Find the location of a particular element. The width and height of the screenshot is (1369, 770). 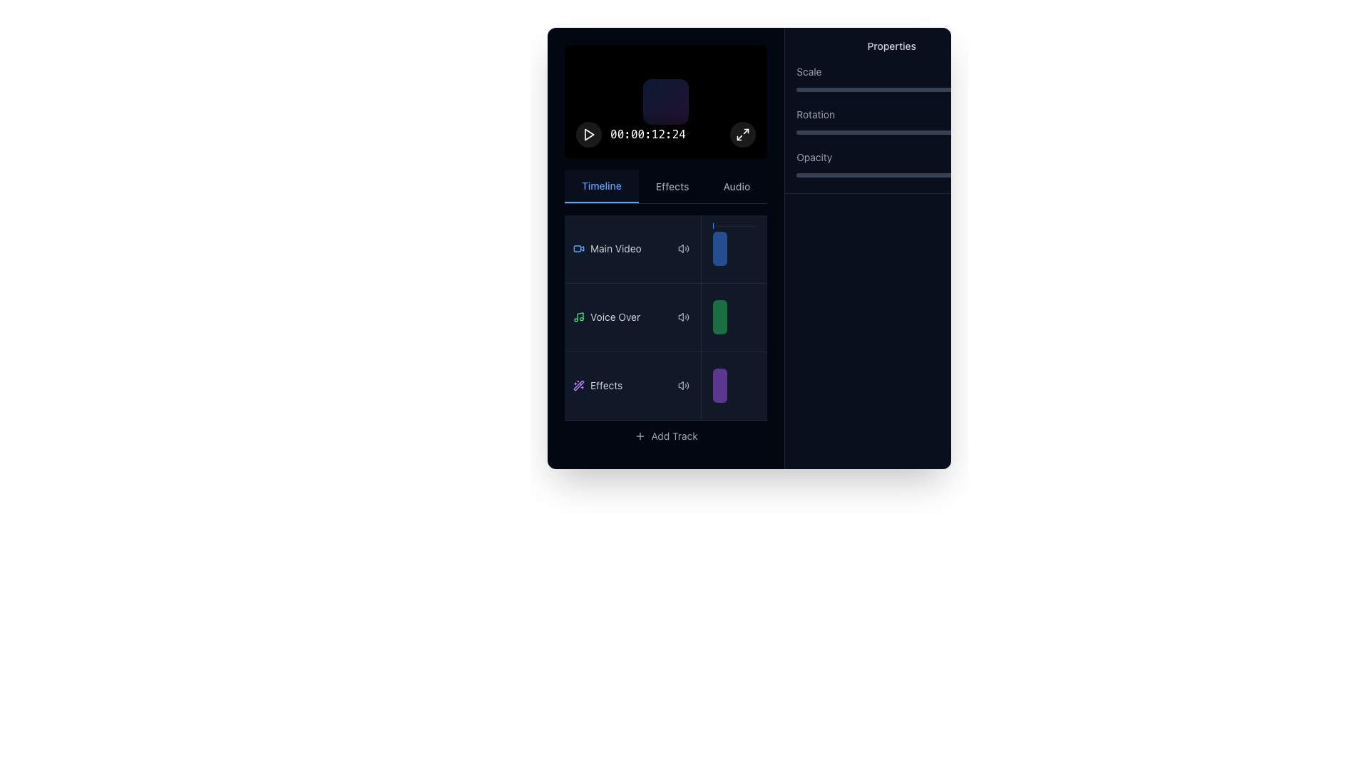

the 'Effects' label in the left panel of the multimedia editing application, which is the third item in a vertical list of tracks or layers is located at coordinates (598, 386).